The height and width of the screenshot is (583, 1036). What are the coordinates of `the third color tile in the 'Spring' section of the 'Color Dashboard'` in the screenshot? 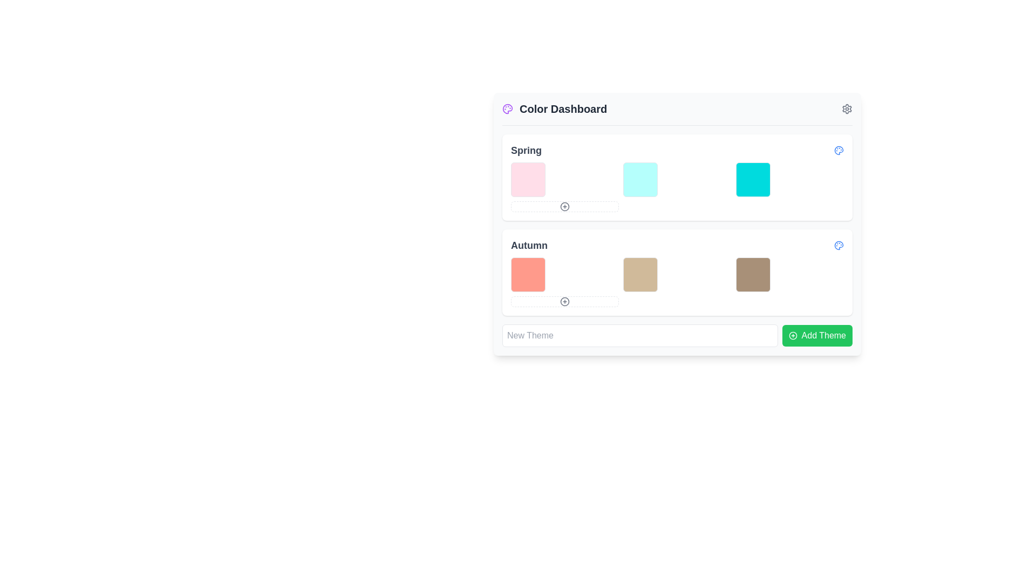 It's located at (752, 179).